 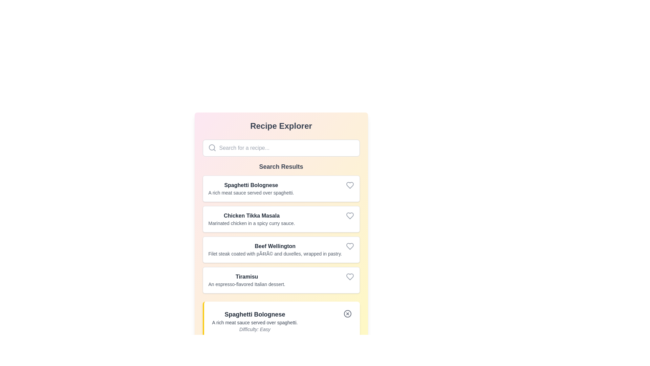 What do you see at coordinates (281, 280) in the screenshot?
I see `the card displaying the recipe 'Tiramisu' in the Search Results section` at bounding box center [281, 280].